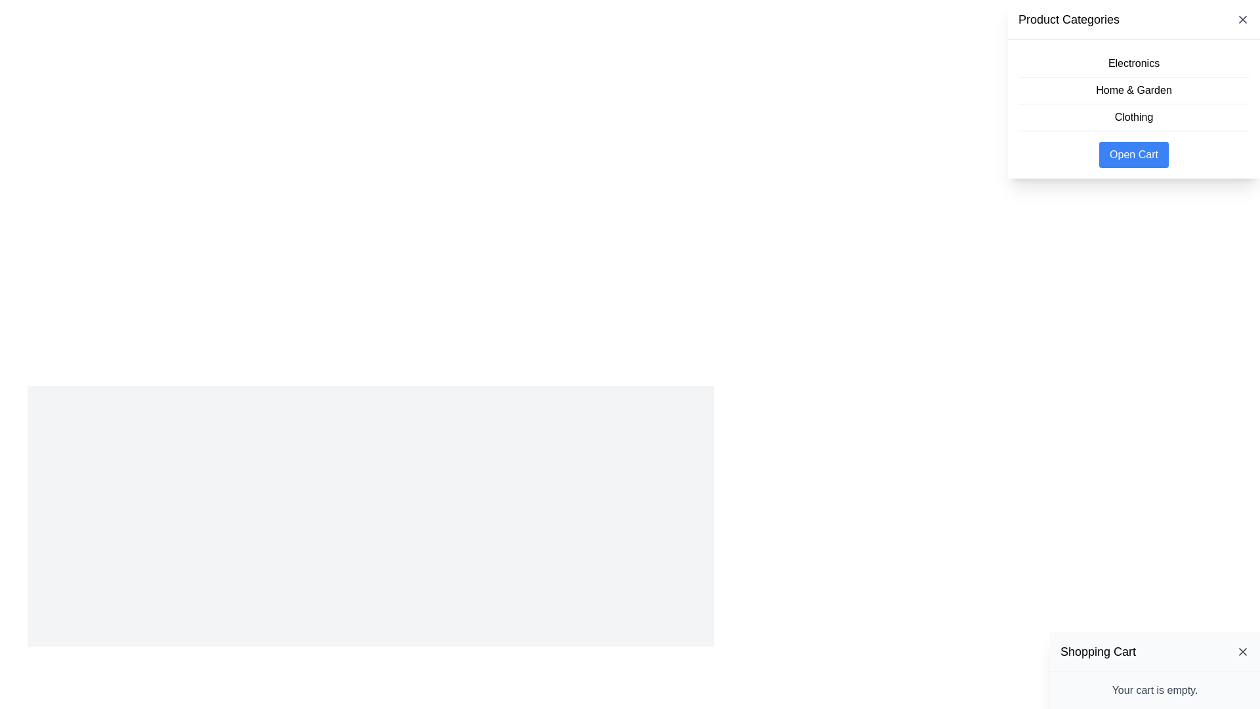 The width and height of the screenshot is (1260, 709). I want to click on the close icon in the top-right corner of the 'Shopping Cart' modal, so click(1242, 651).